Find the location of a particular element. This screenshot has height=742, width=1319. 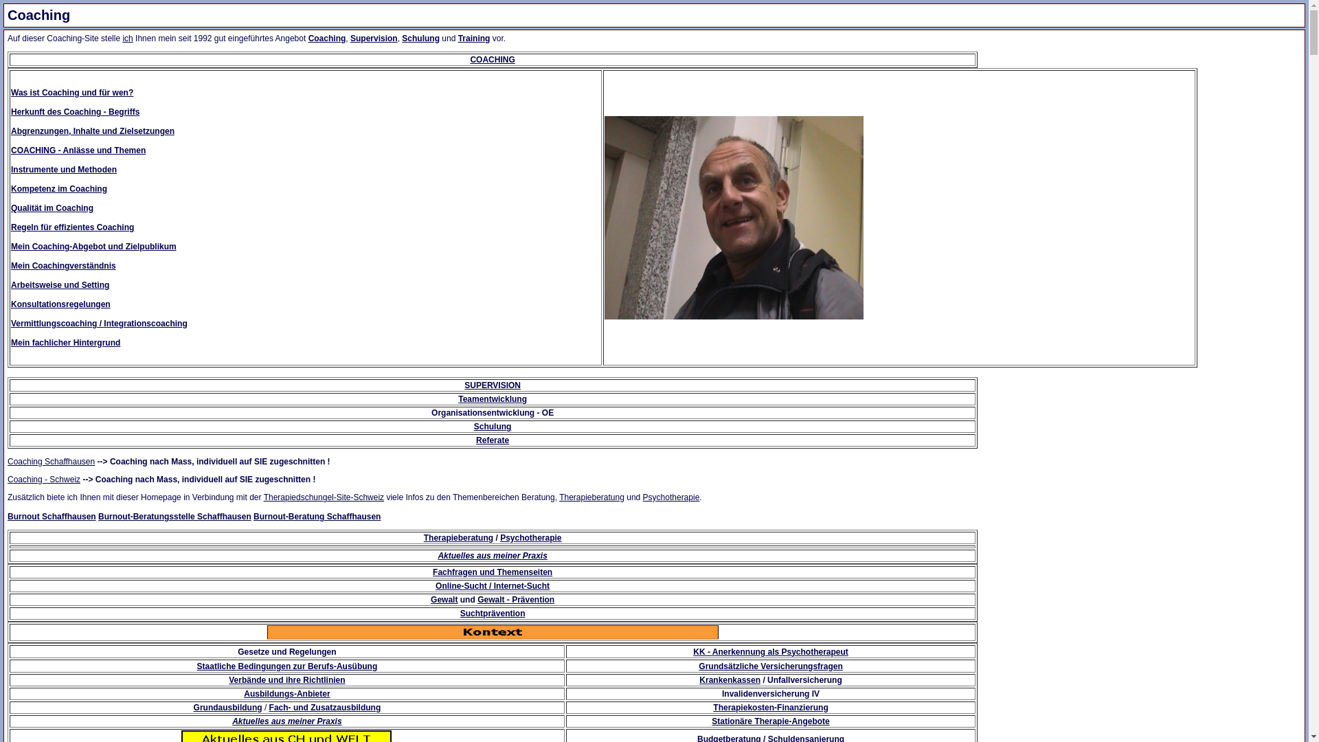

'Fach- und Zusatzausbildung' is located at coordinates (269, 707).